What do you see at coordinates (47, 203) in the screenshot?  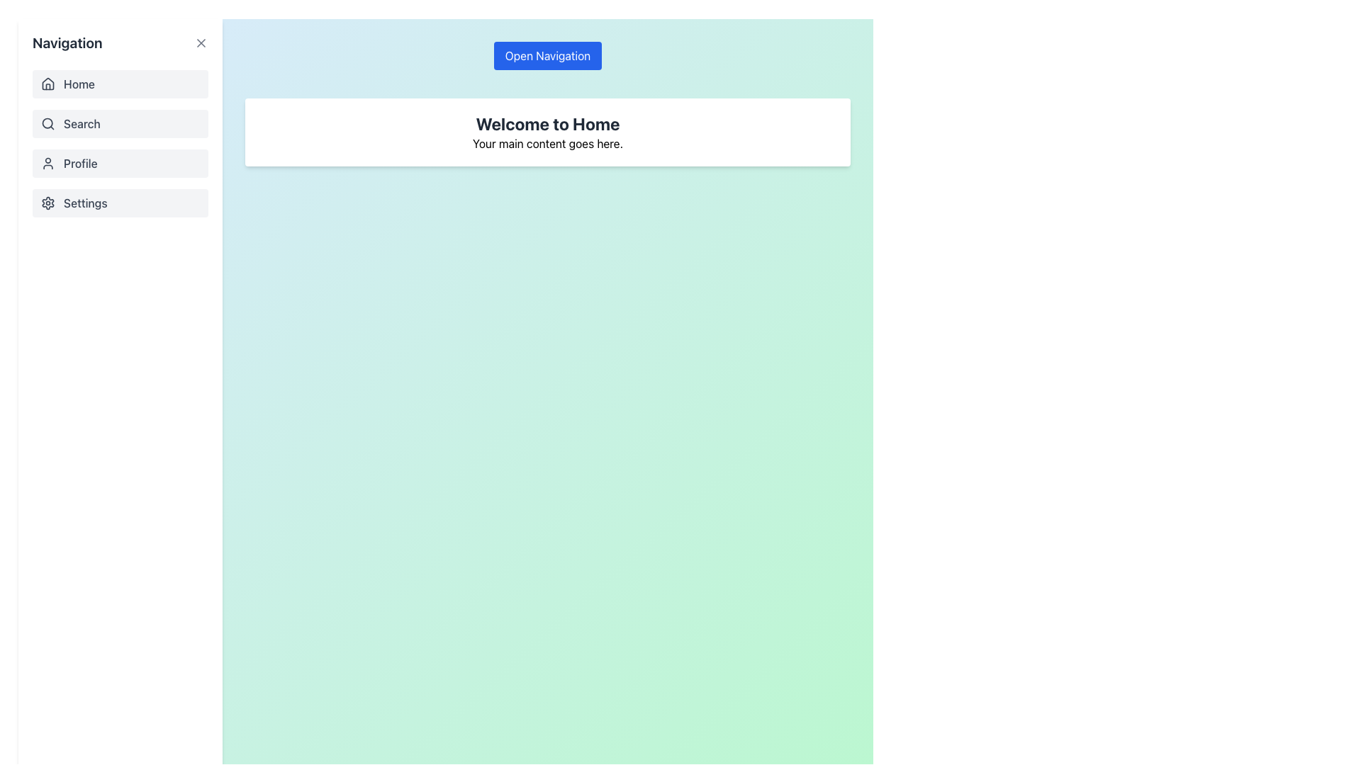 I see `the settings icon located in the 'Settings' menu item of the left side navigation menu` at bounding box center [47, 203].